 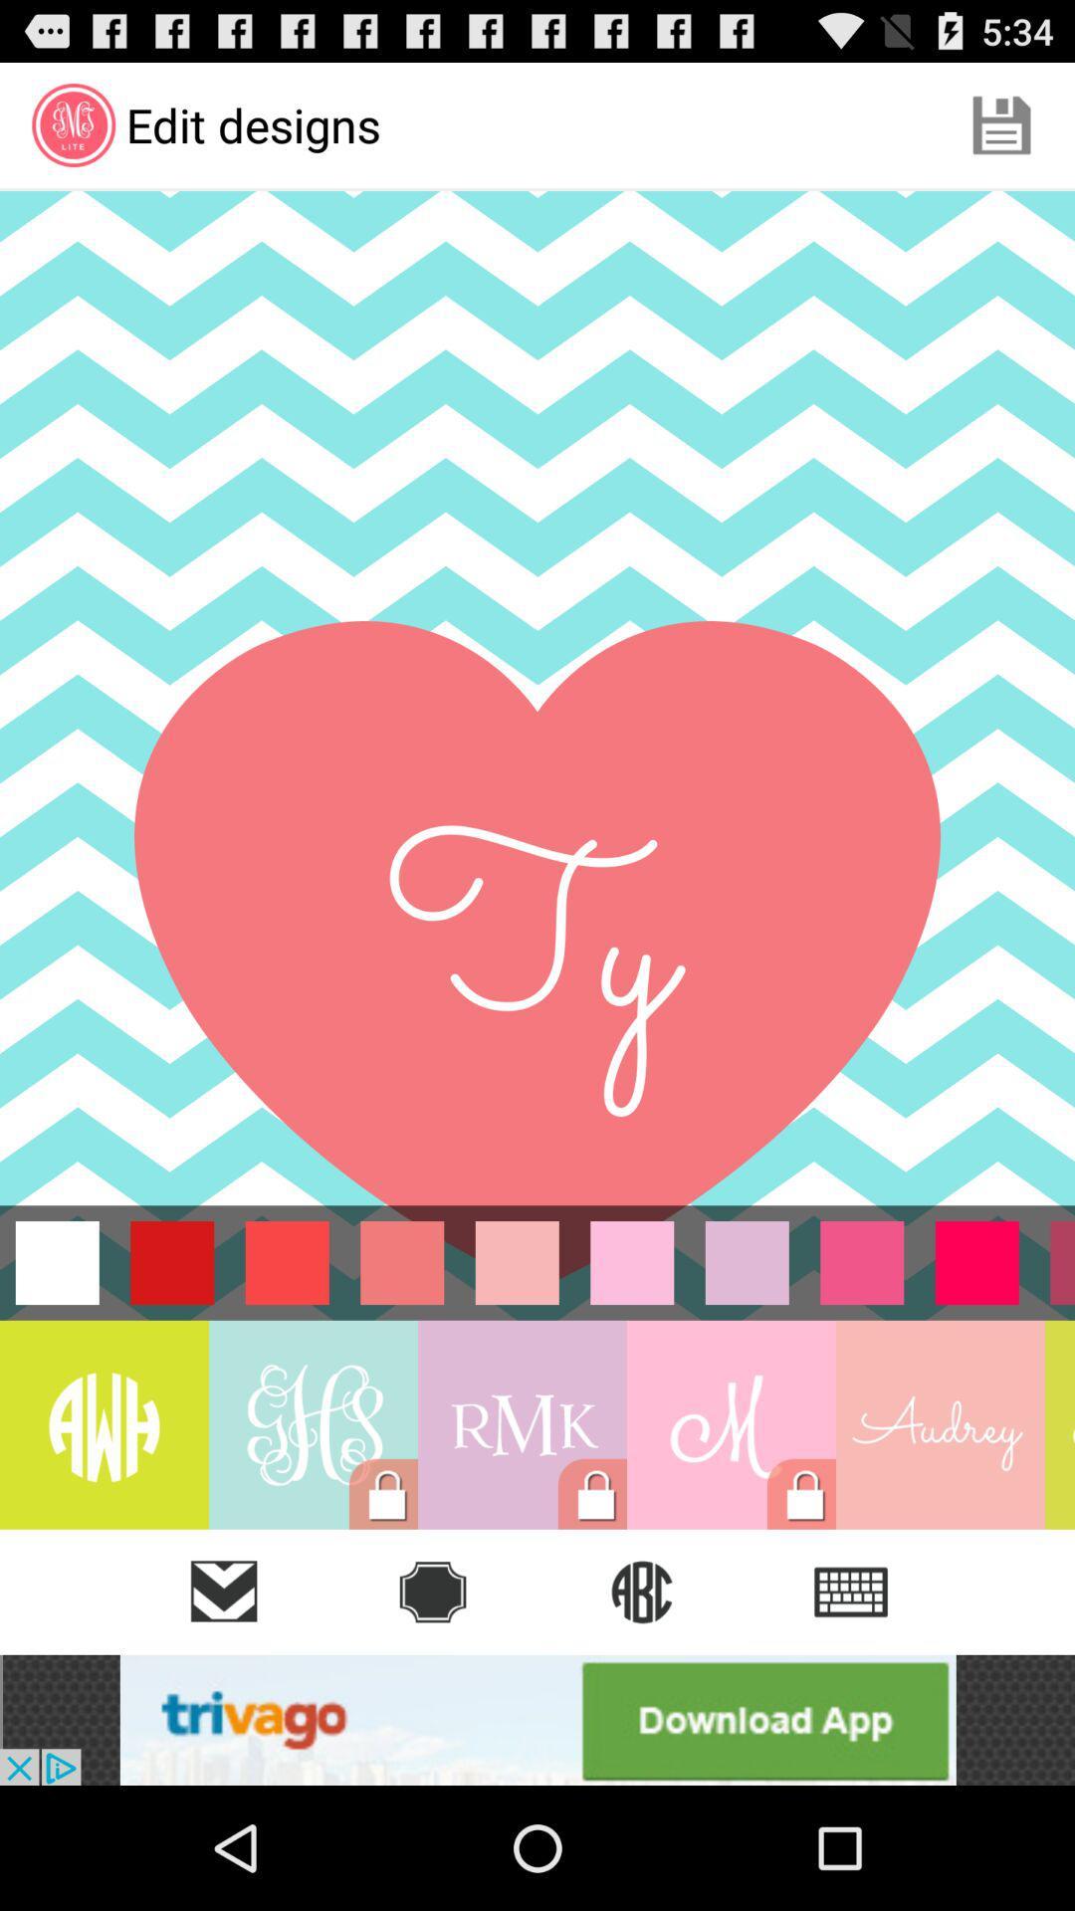 I want to click on on rmk lock icon box which is left side of m symbol, so click(x=521, y=1423).